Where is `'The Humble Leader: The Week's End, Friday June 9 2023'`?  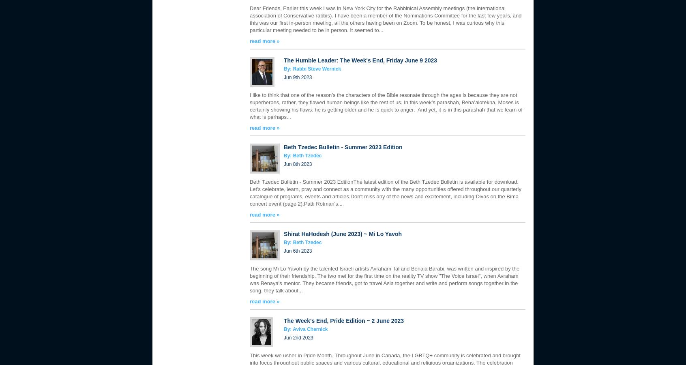 'The Humble Leader: The Week's End, Friday June 9 2023' is located at coordinates (360, 60).